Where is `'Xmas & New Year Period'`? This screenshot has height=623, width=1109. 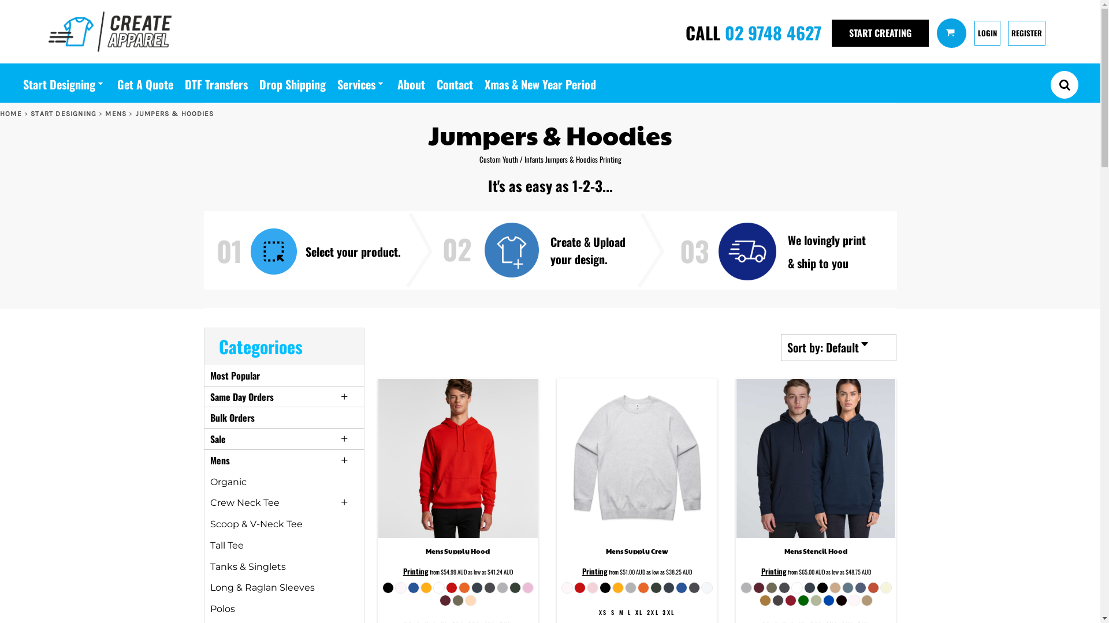 'Xmas & New Year Period' is located at coordinates (485, 82).